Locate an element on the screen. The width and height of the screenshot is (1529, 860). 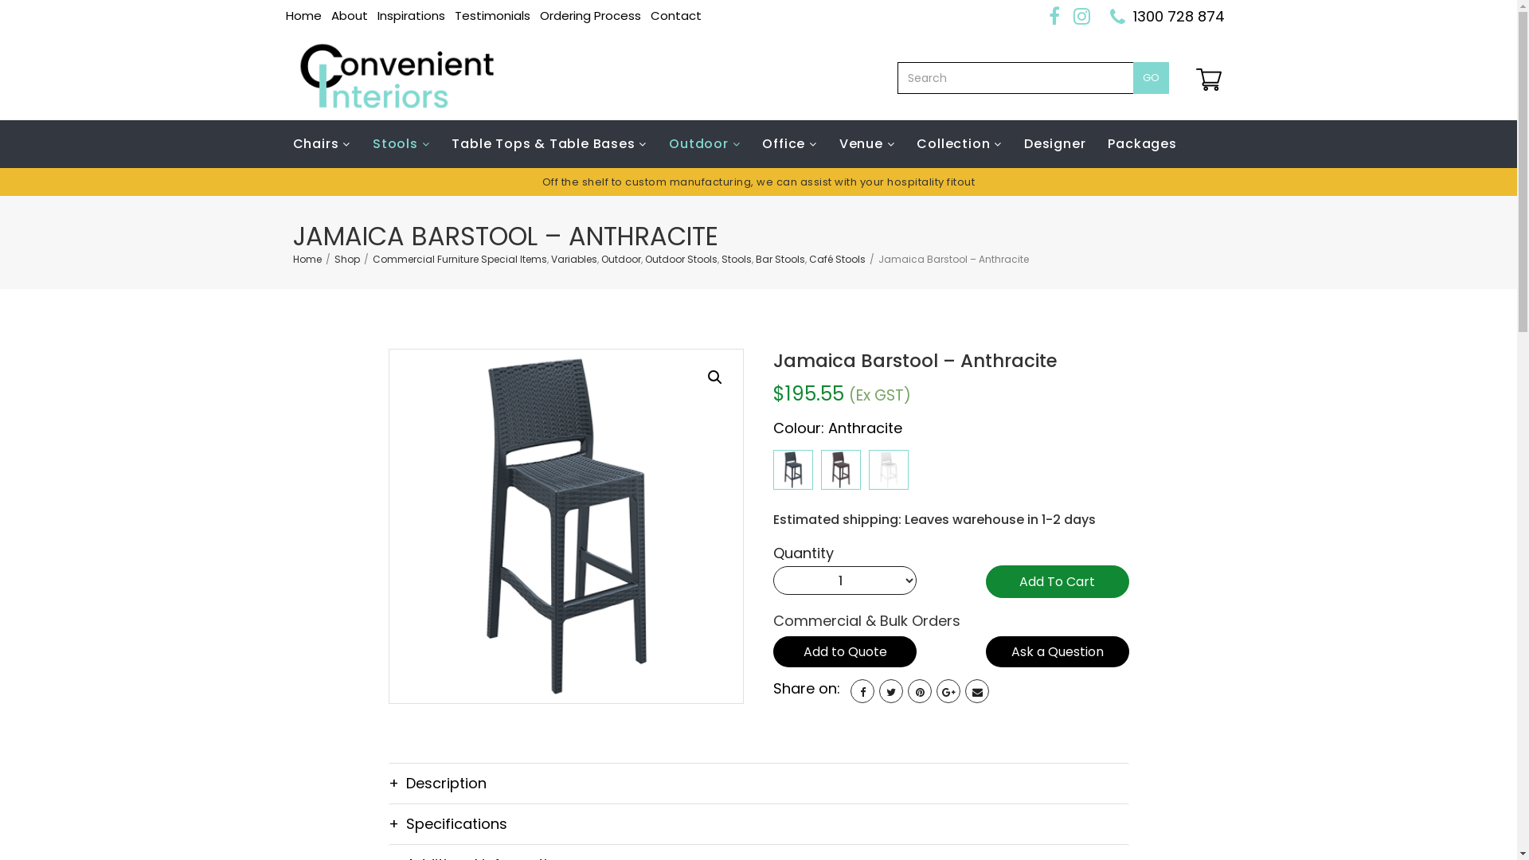
'1300 728 874' is located at coordinates (1178, 16).